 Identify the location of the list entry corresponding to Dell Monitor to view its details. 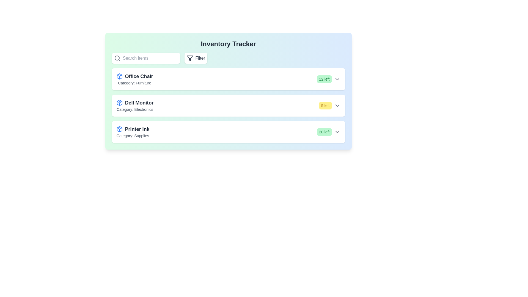
(228, 106).